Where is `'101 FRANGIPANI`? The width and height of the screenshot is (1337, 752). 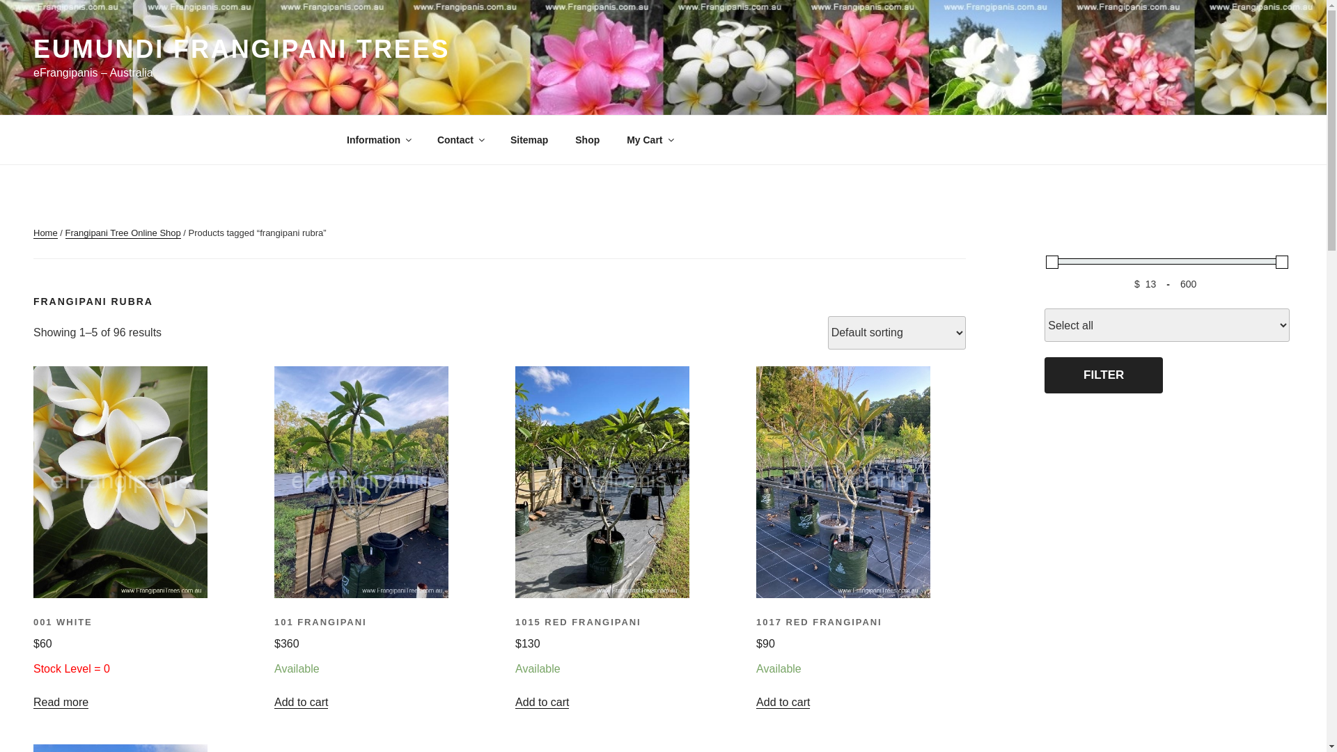 '101 FRANGIPANI is located at coordinates (377, 648).